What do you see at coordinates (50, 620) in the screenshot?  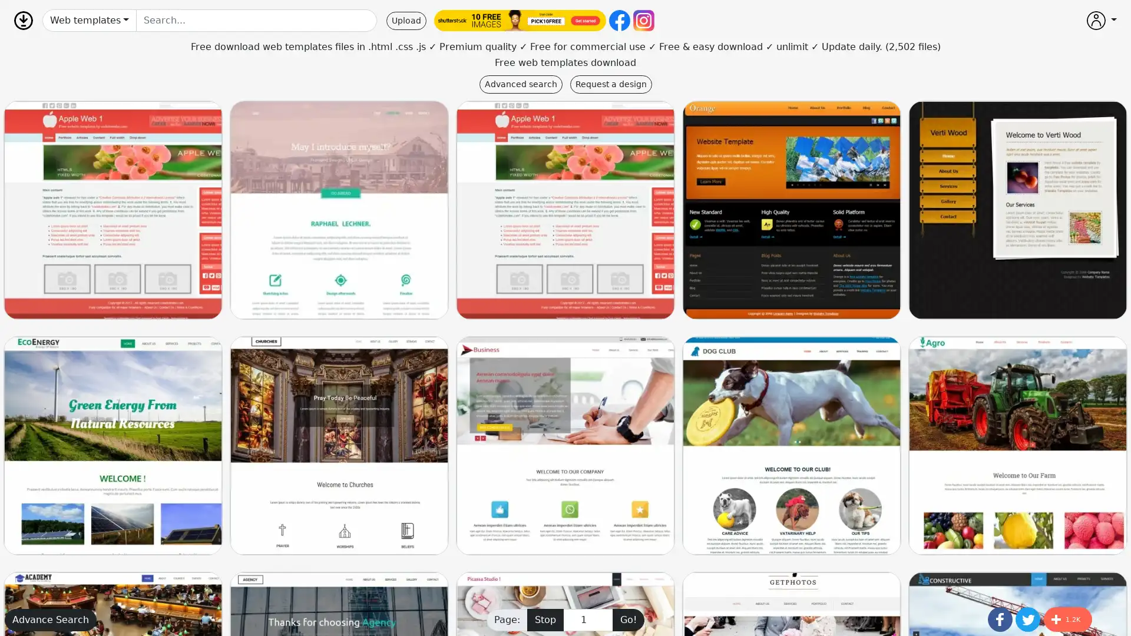 I see `Advance Search` at bounding box center [50, 620].